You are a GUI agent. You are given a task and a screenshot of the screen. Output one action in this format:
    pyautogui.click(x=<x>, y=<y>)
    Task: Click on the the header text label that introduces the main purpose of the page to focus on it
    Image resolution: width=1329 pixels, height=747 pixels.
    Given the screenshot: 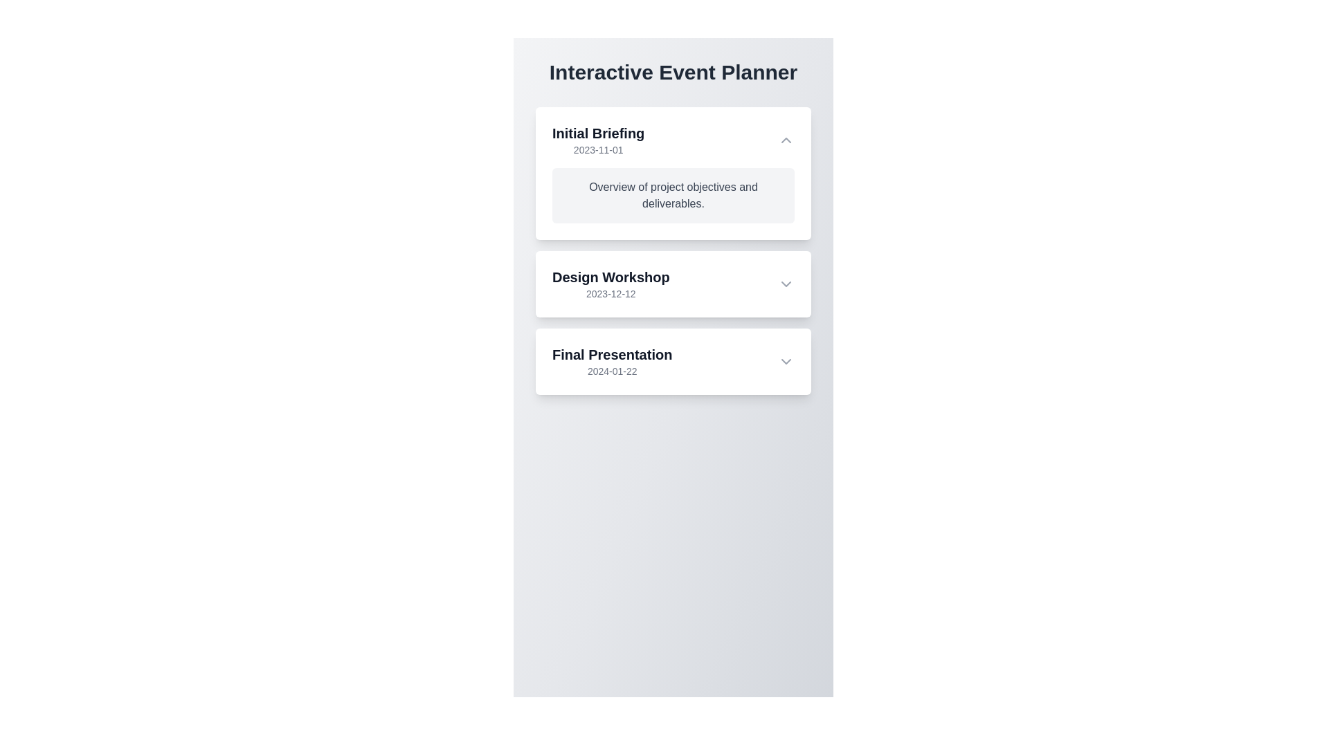 What is the action you would take?
    pyautogui.click(x=673, y=72)
    